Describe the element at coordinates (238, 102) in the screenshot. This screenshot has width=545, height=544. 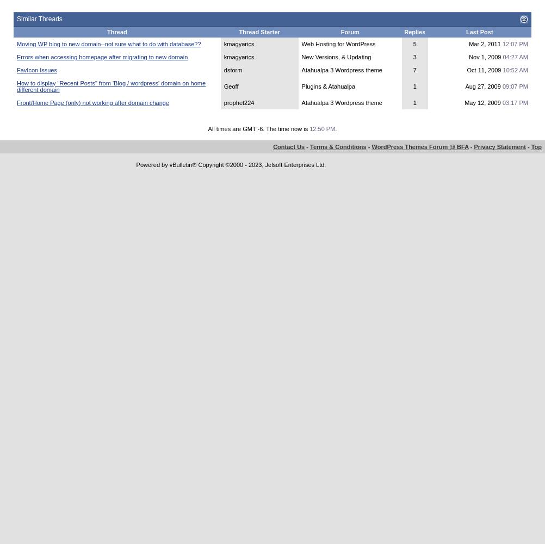
I see `'prophet224'` at that location.